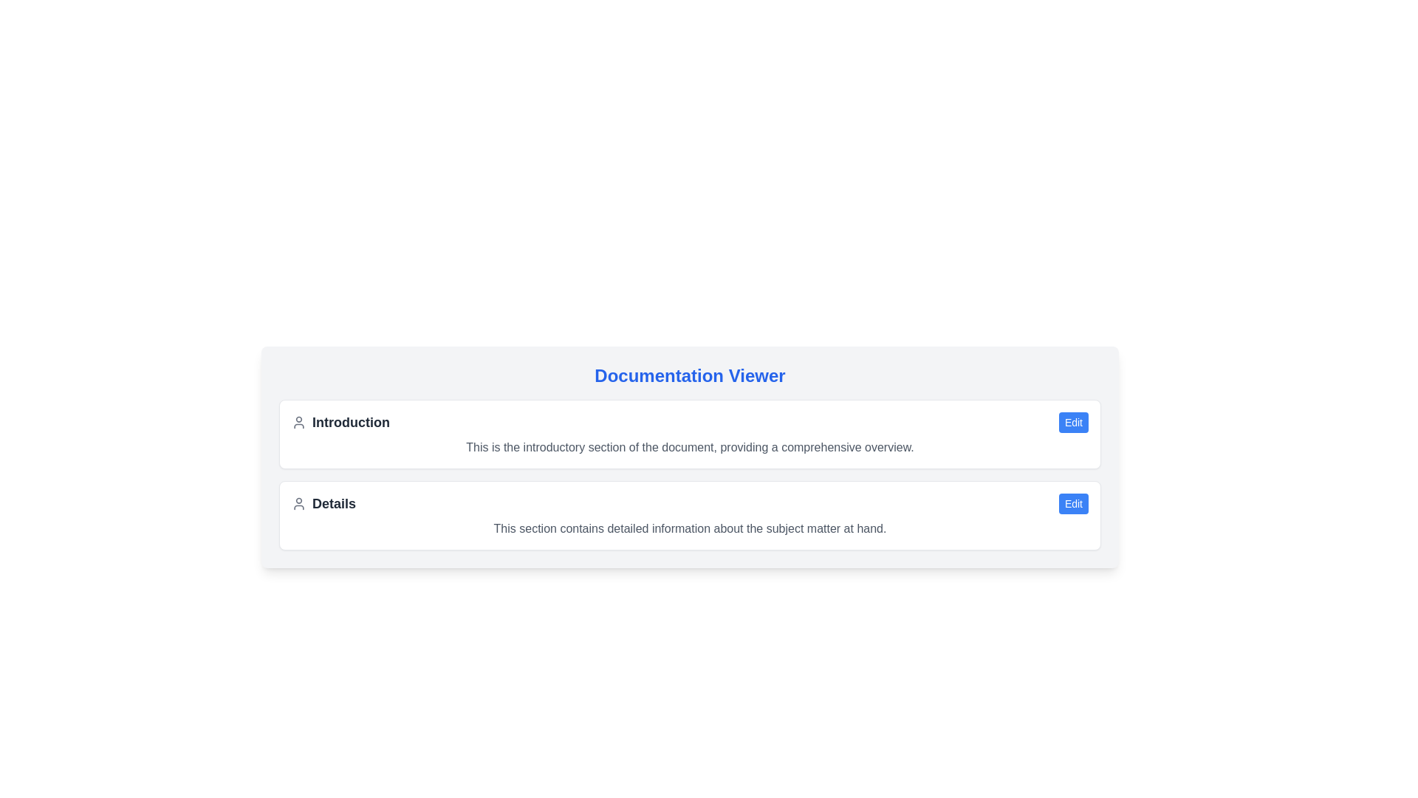 Image resolution: width=1418 pixels, height=798 pixels. What do you see at coordinates (1074, 422) in the screenshot?
I see `the button that triggers editing functionality for the 'Introduction' section, located adjacent to the text labeled 'Introduction'` at bounding box center [1074, 422].